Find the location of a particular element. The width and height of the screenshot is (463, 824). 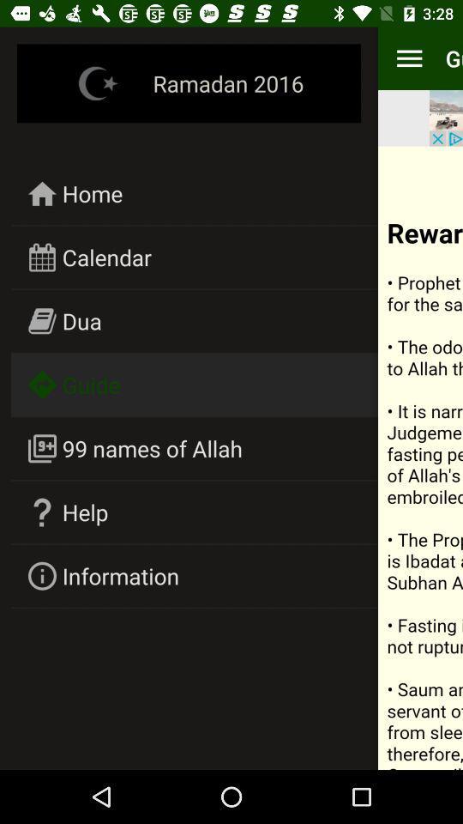

the item above dua icon is located at coordinates (106, 256).